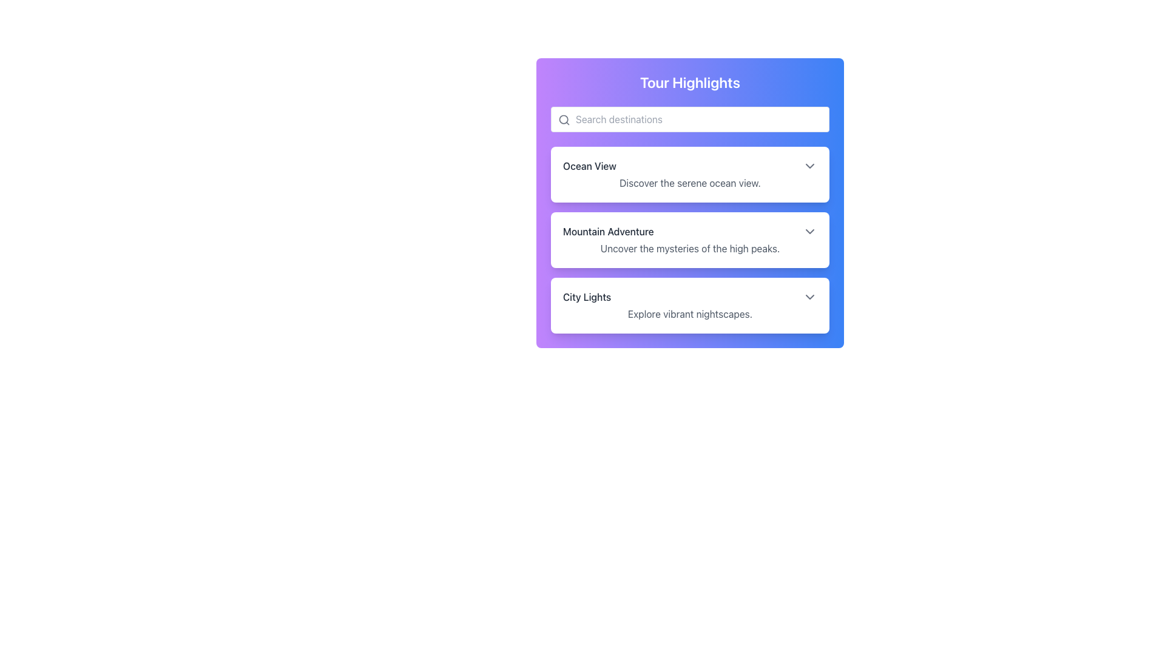  I want to click on the search icon positioned at the top-left corner of the search input field labeled 'Search destinations', so click(564, 119).